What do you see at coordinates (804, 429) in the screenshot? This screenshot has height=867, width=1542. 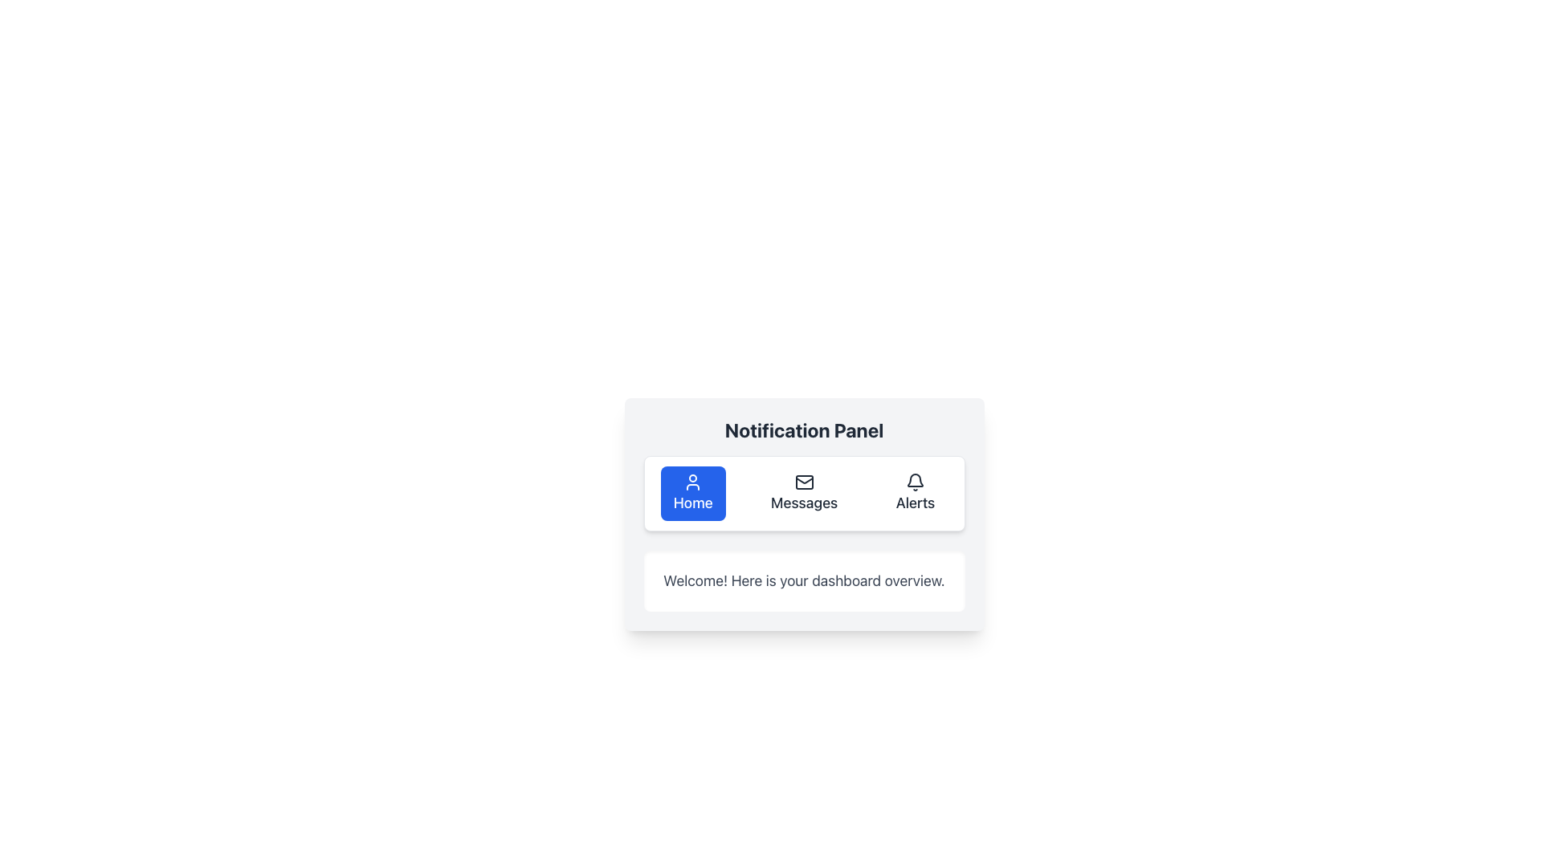 I see `the Heading element that serves as the section title for the notification panel interface, located near the upper edge and above navigation buttons` at bounding box center [804, 429].